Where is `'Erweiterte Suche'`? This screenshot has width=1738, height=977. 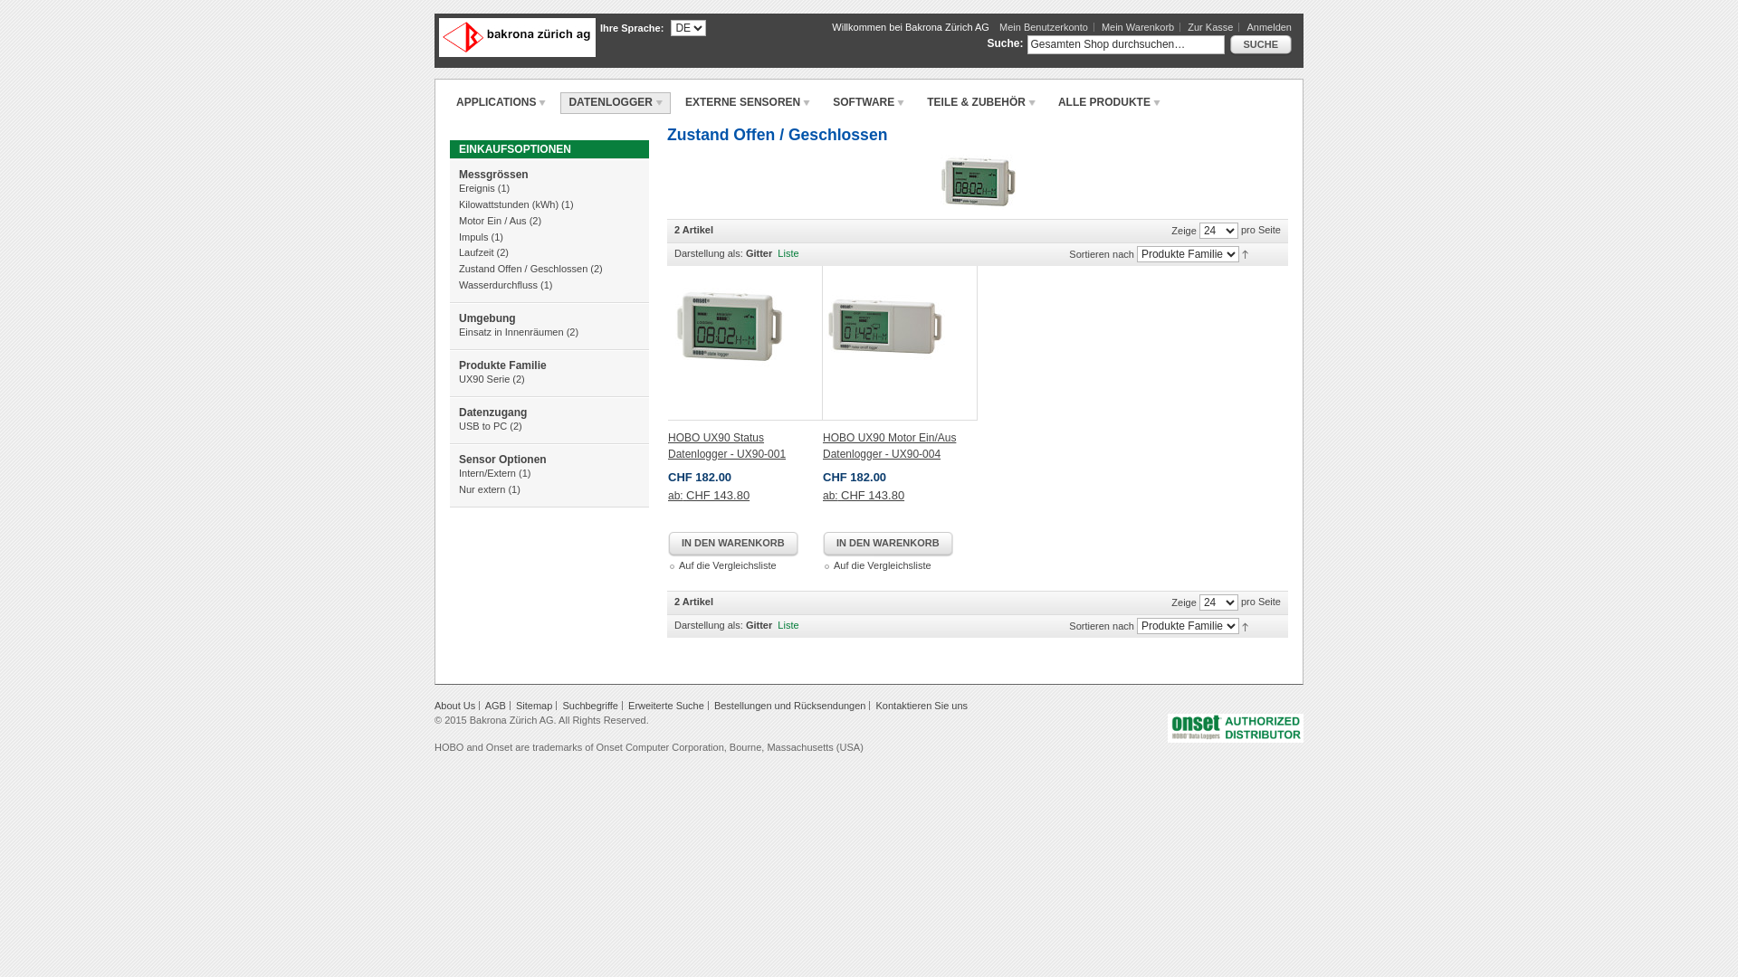
'Erweiterte Suche' is located at coordinates (664, 704).